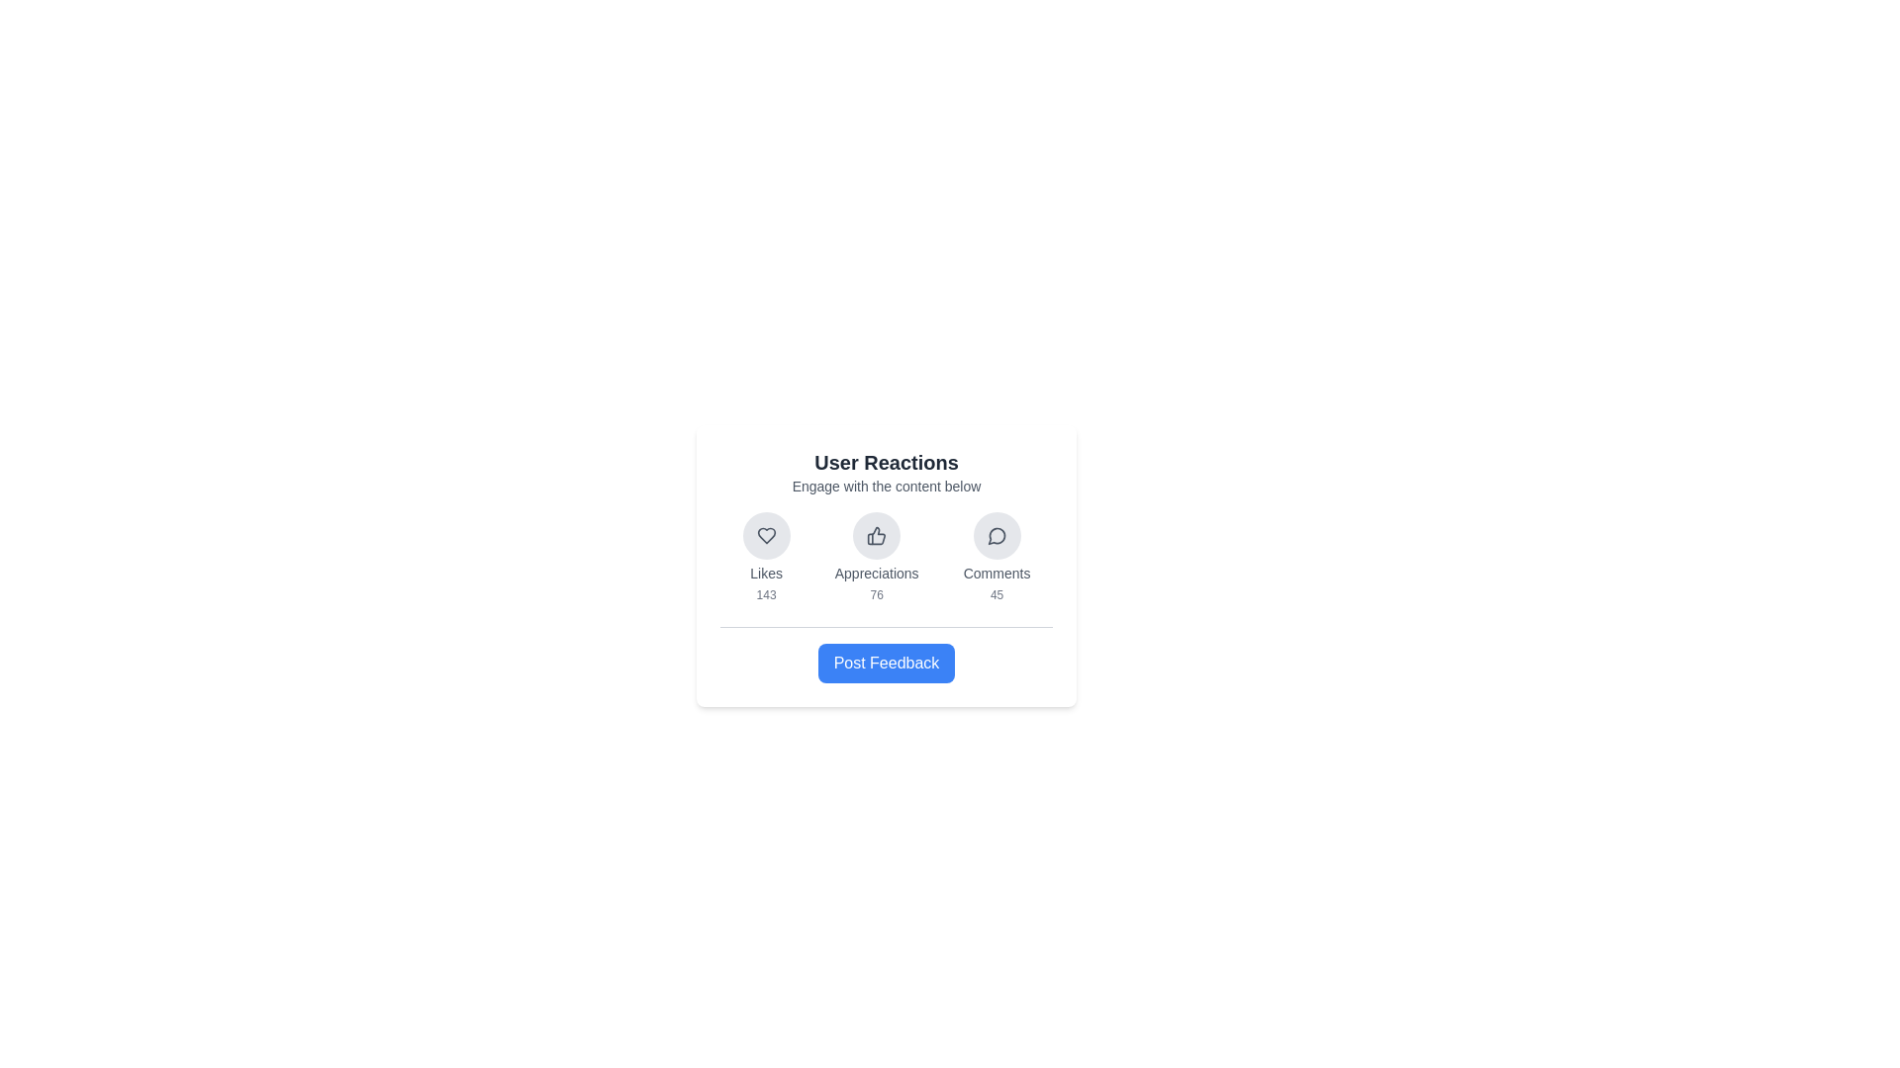  What do you see at coordinates (997, 536) in the screenshot?
I see `the chat bubble icon with a rounded outline and a tail pointing downward` at bounding box center [997, 536].